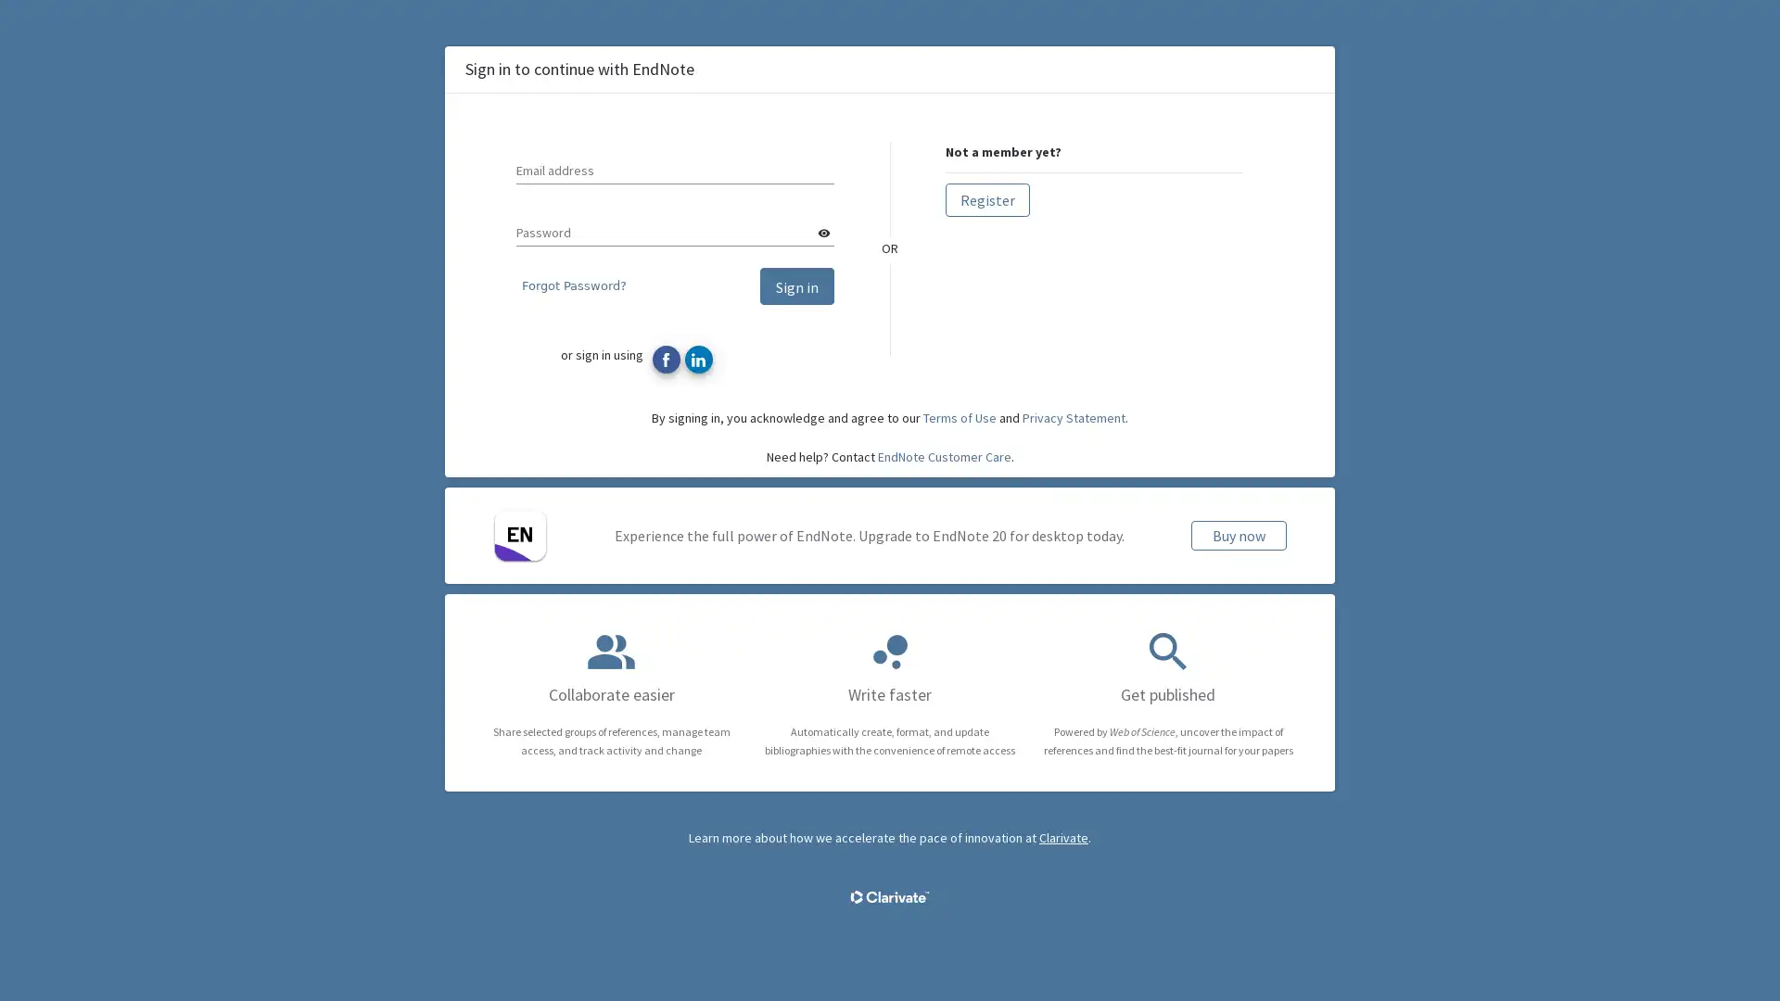  Describe the element at coordinates (666, 358) in the screenshot. I see `Sign in with Facebook` at that location.